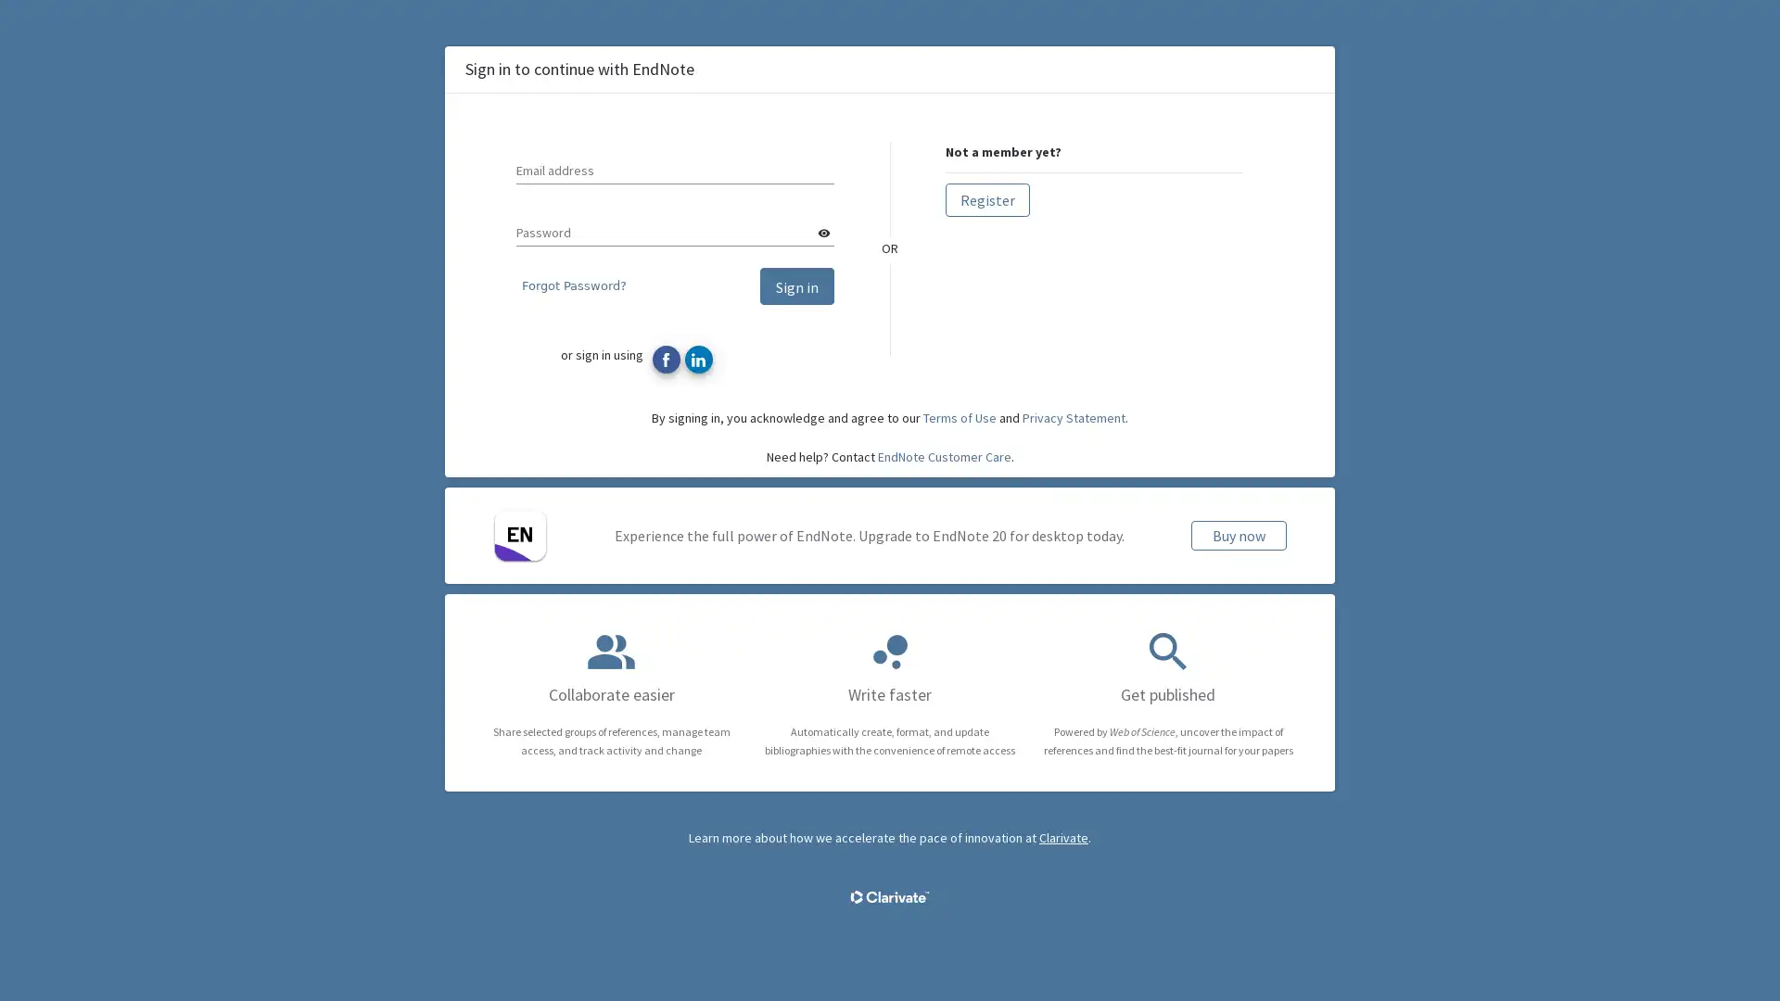  Describe the element at coordinates (666, 358) in the screenshot. I see `Sign in with Facebook` at that location.